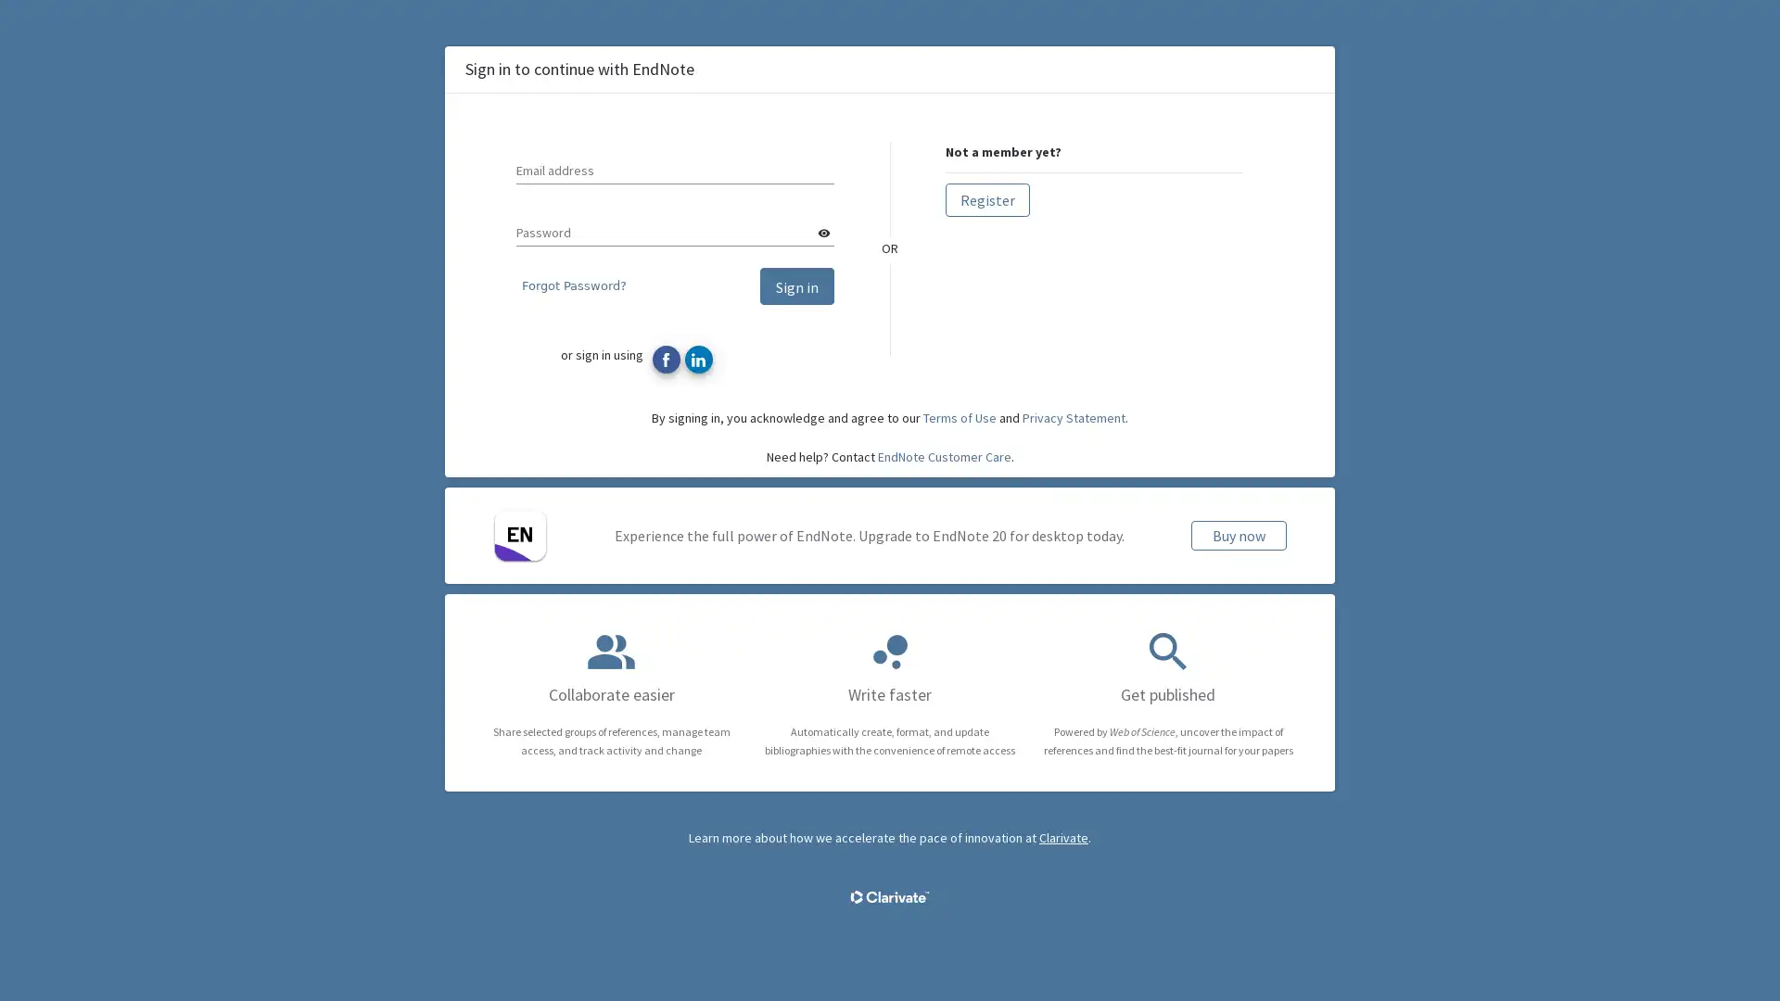  Describe the element at coordinates (666, 358) in the screenshot. I see `Sign in with Facebook` at that location.